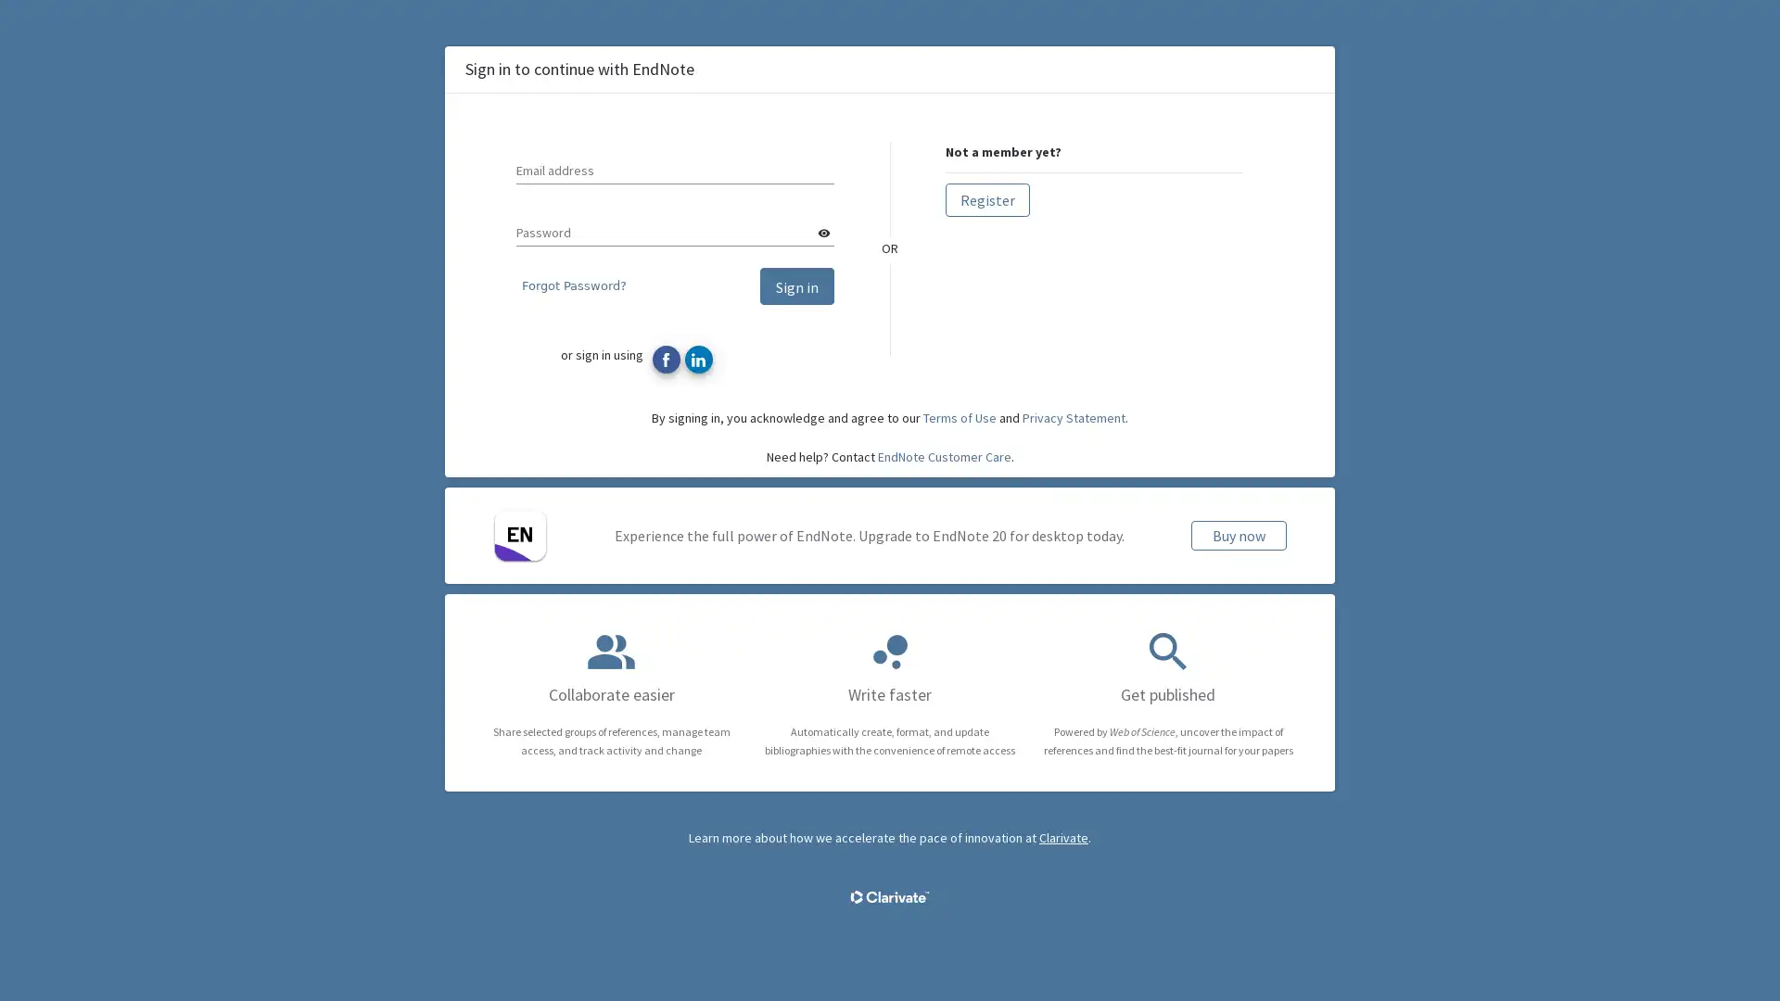  Describe the element at coordinates (666, 358) in the screenshot. I see `Sign in with Facebook` at that location.